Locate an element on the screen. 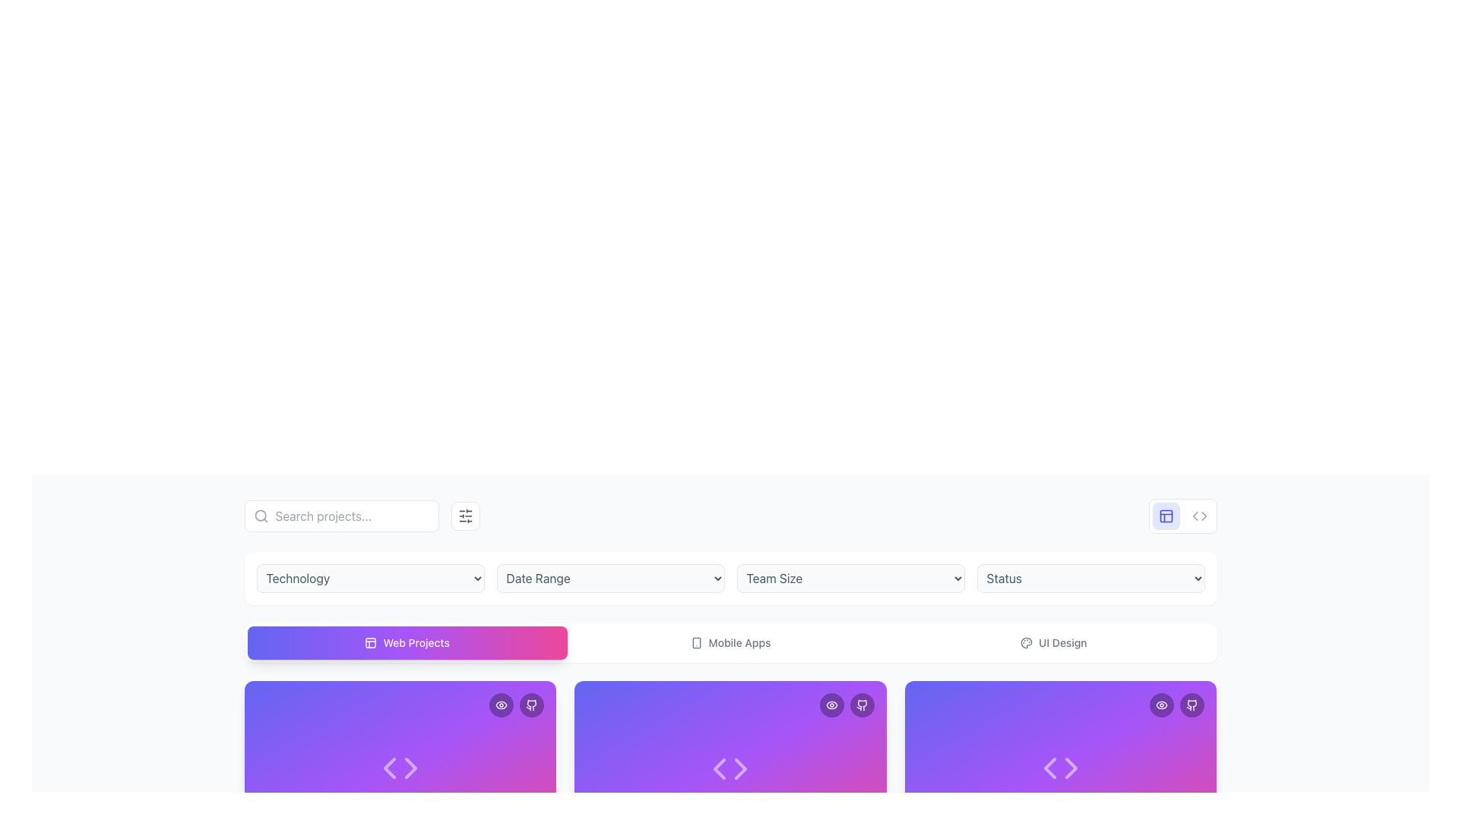 The height and width of the screenshot is (820, 1459). the interactive button with rounded corners and a code-related icon, located at the top-right corner of the interface is located at coordinates (1198, 515).